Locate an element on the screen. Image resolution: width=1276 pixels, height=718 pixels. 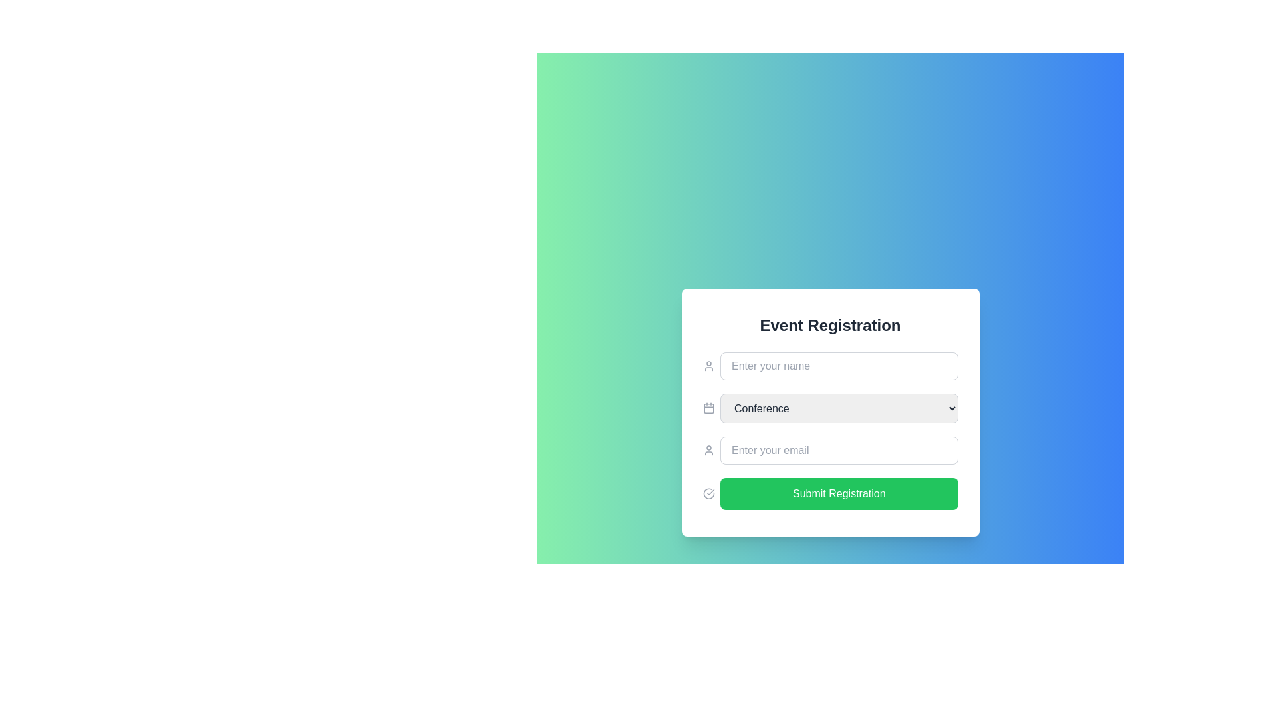
the gray user profile icon located on the left side of the 'Enter your name' input box is located at coordinates (708, 366).